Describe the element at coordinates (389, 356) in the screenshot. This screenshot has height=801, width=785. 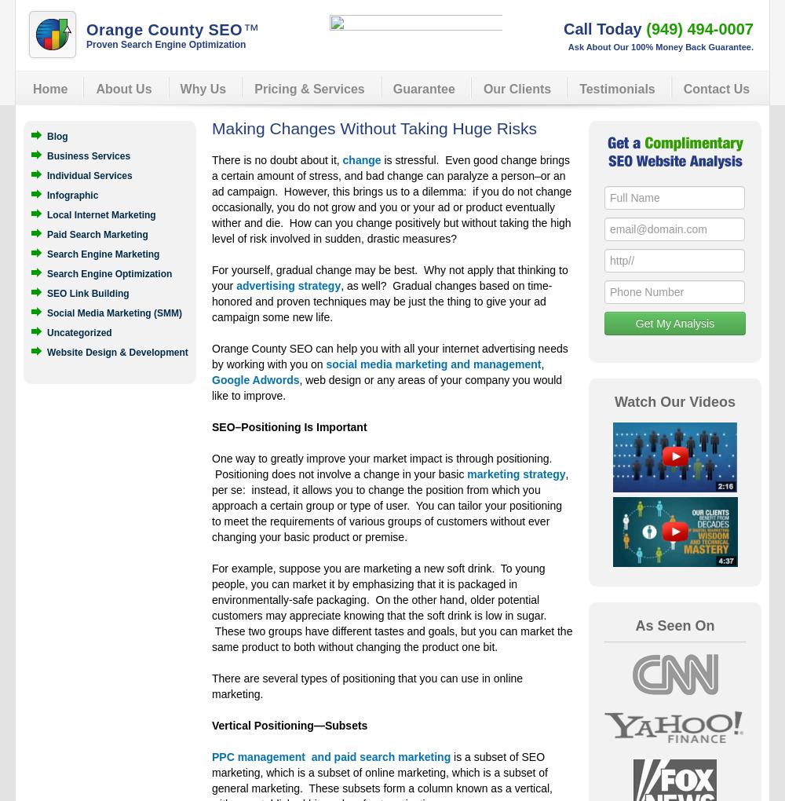
I see `'Orange County SEO can help you with all your internet advertising needs by working with you on'` at that location.